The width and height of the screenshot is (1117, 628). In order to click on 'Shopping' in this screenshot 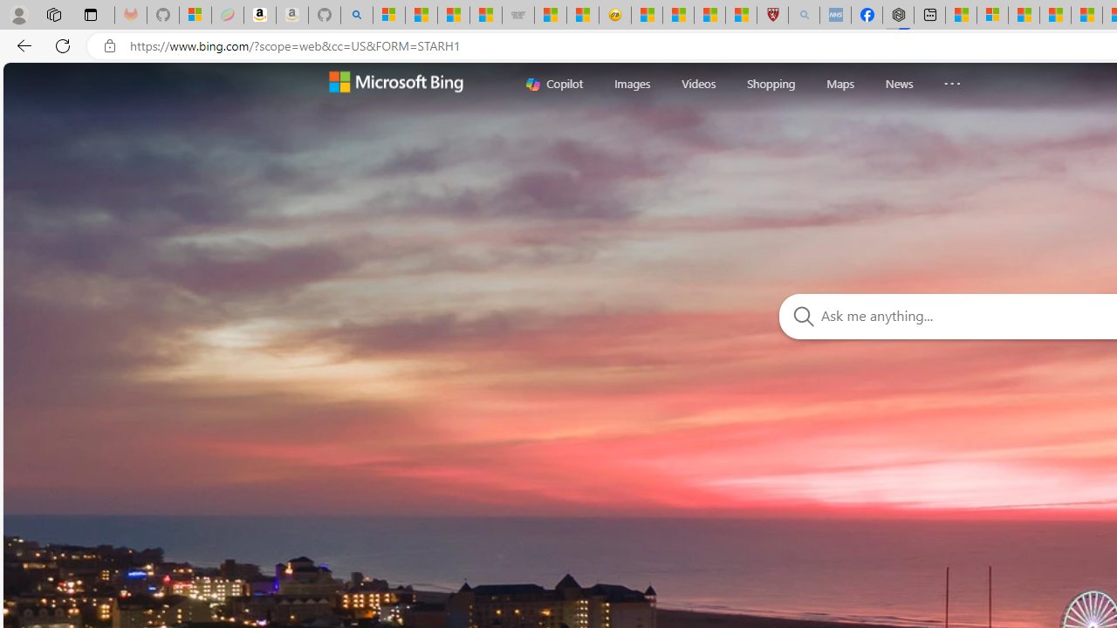, I will do `click(770, 83)`.